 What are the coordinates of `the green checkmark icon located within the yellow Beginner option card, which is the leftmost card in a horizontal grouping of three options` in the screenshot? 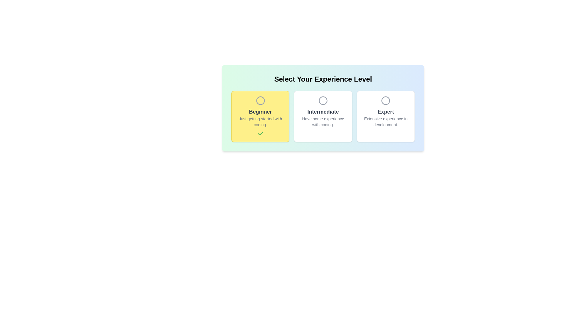 It's located at (260, 133).